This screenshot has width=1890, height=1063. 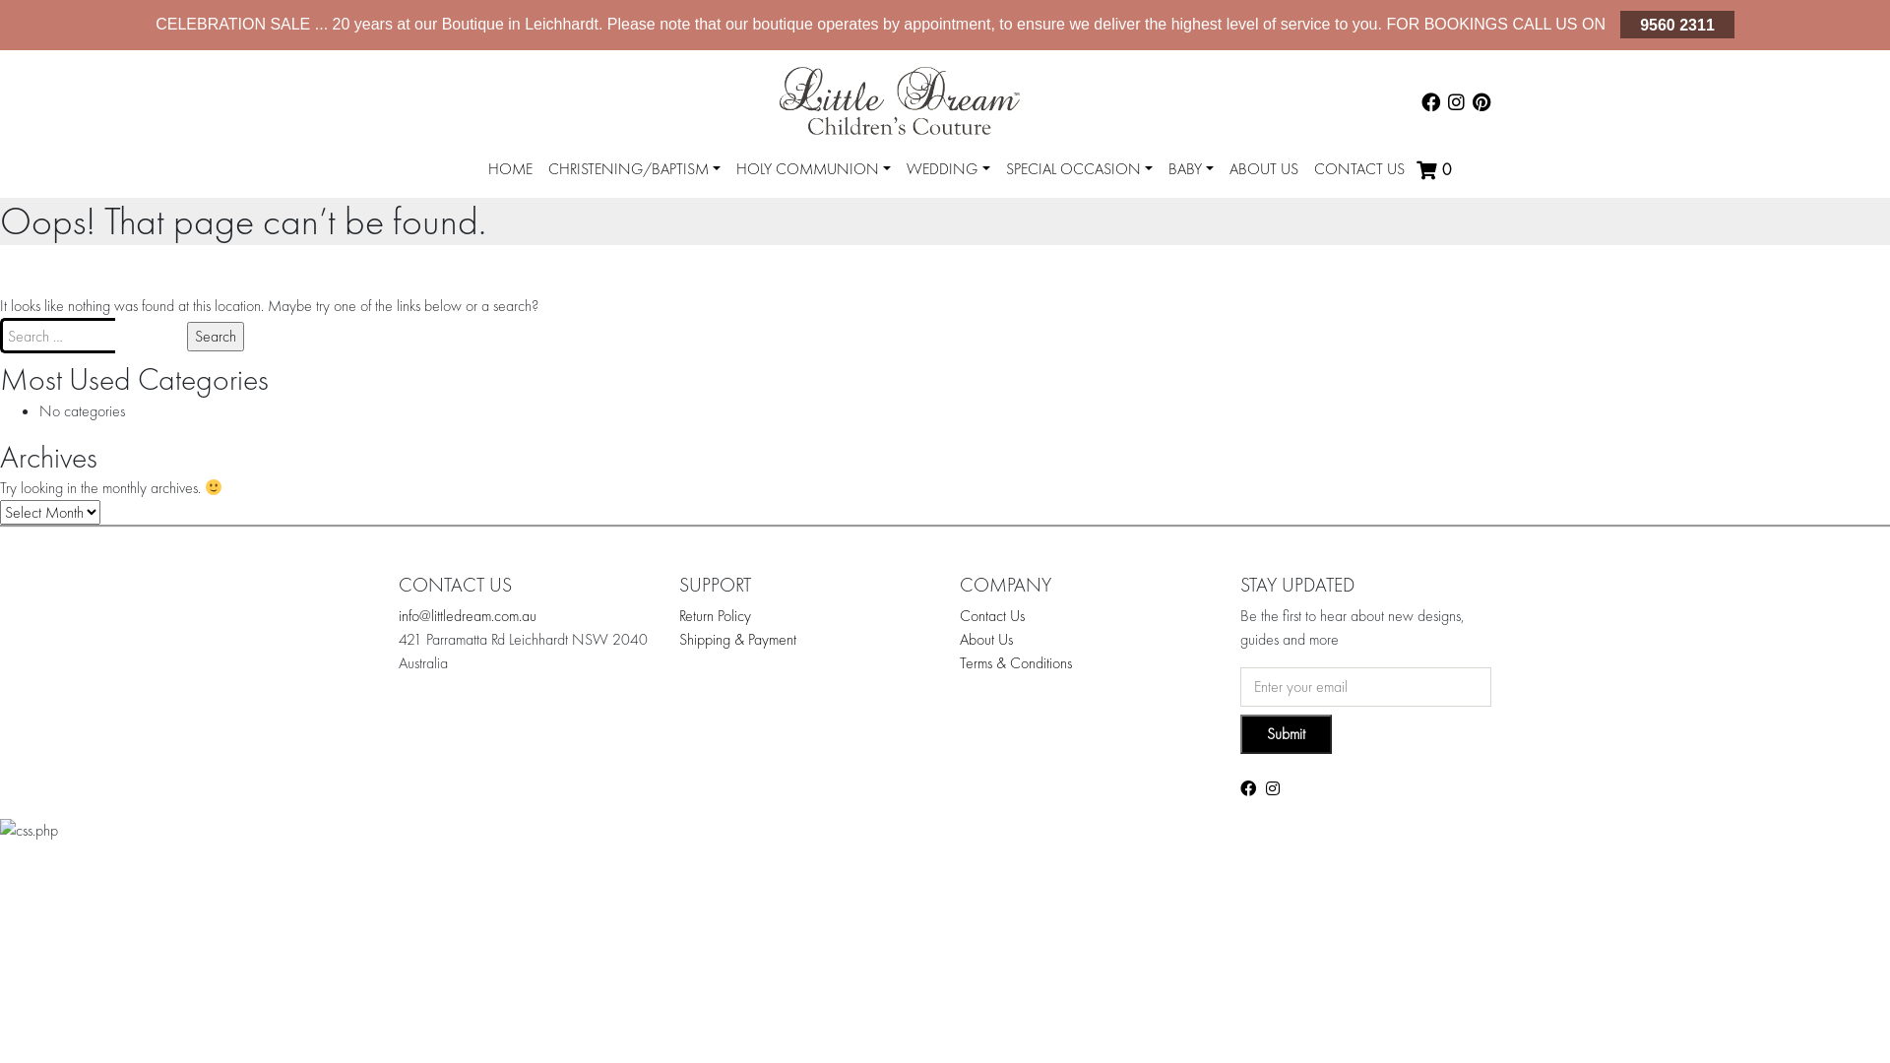 What do you see at coordinates (216, 336) in the screenshot?
I see `'Search'` at bounding box center [216, 336].